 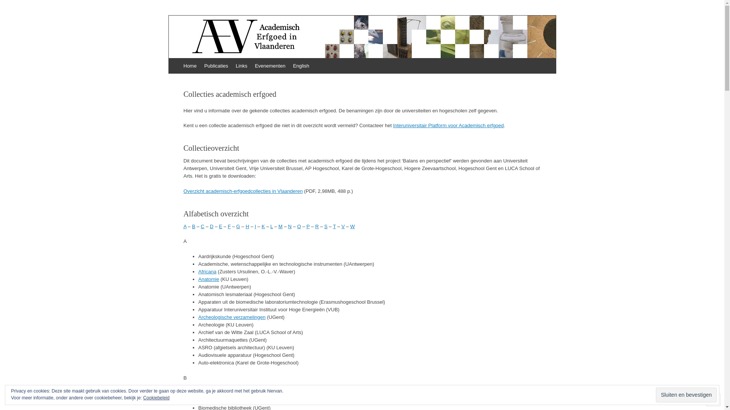 I want to click on 'H', so click(x=246, y=225).